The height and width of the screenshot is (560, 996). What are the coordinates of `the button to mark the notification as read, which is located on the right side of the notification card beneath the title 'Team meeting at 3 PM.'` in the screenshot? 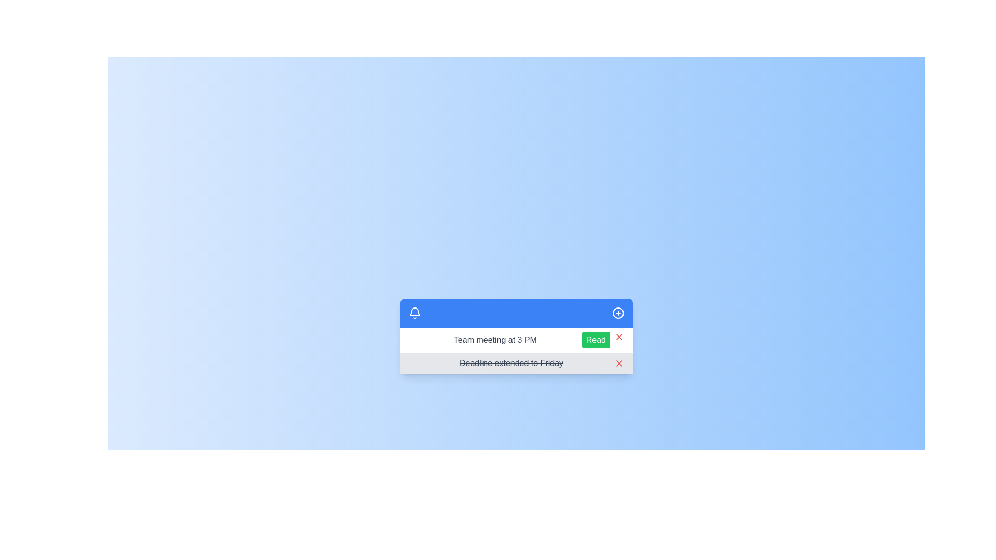 It's located at (603, 340).